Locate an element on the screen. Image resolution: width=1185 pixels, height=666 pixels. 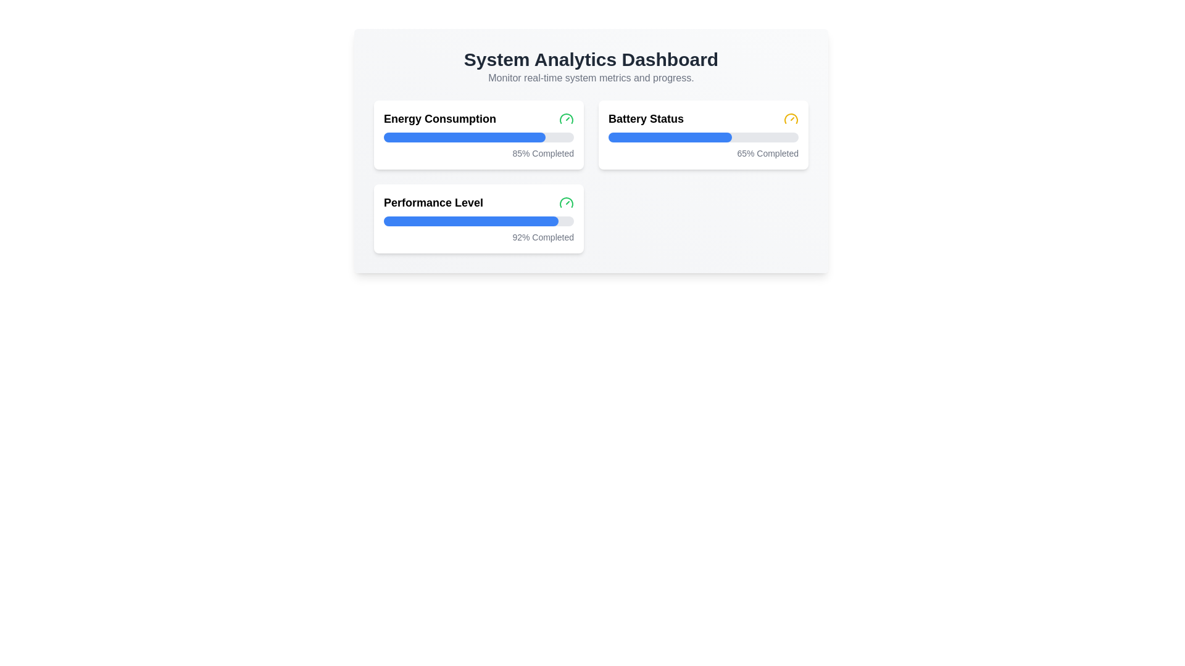
heading element 'System Analytics Dashboard' positioned at the top-center of the interface for context is located at coordinates (591, 59).